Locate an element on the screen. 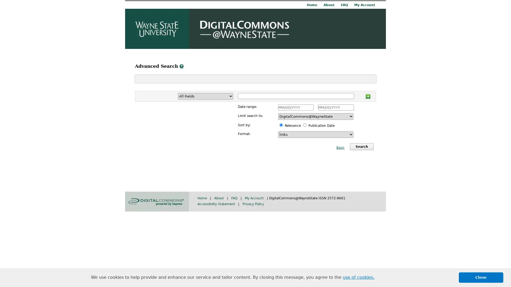  learn more about cookies is located at coordinates (358, 277).